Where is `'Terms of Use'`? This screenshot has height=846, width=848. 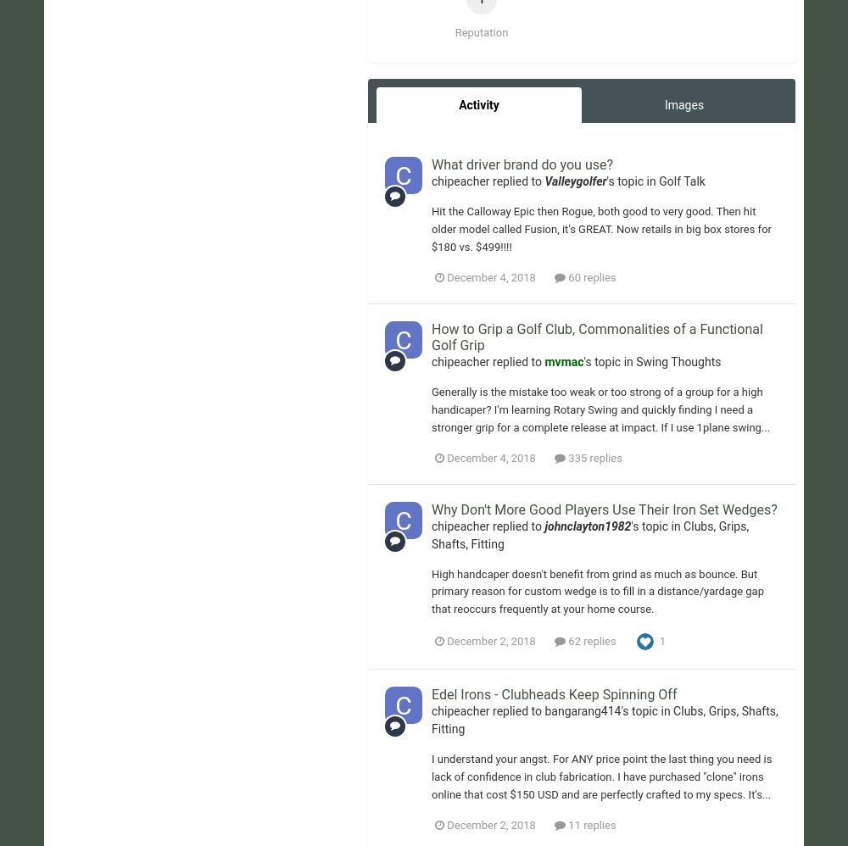 'Terms of Use' is located at coordinates (672, 301).